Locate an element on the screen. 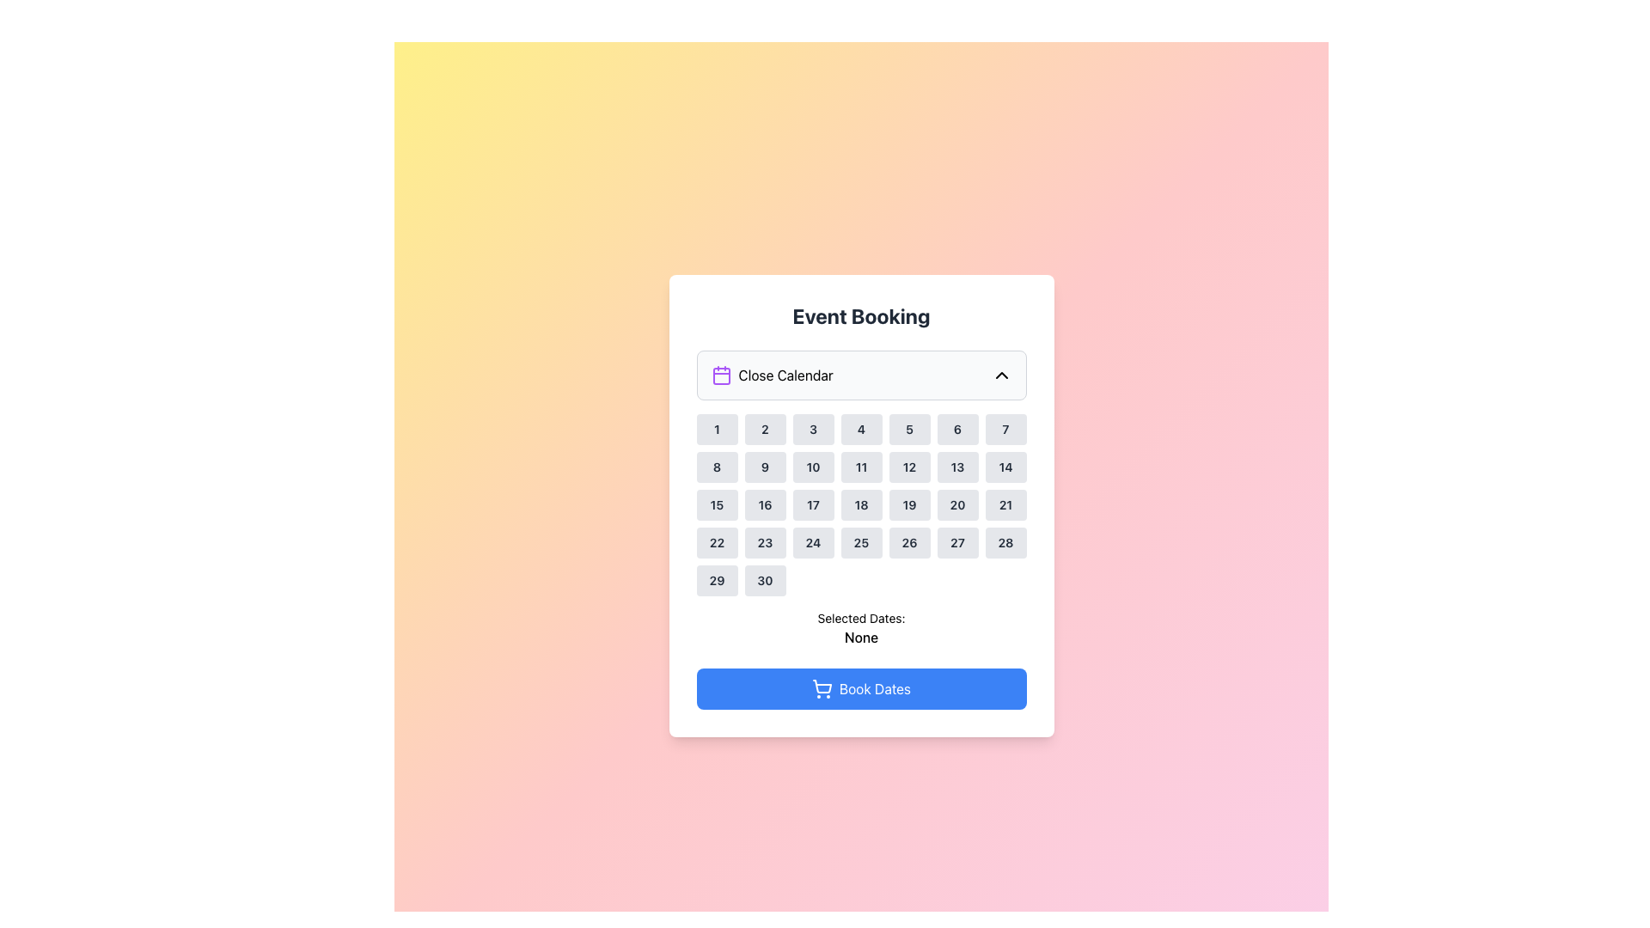 This screenshot has width=1650, height=928. the date selection button for the date '8' in the 'Event Booking' modal window, which is the eighth button in the grid layout is located at coordinates (717, 467).